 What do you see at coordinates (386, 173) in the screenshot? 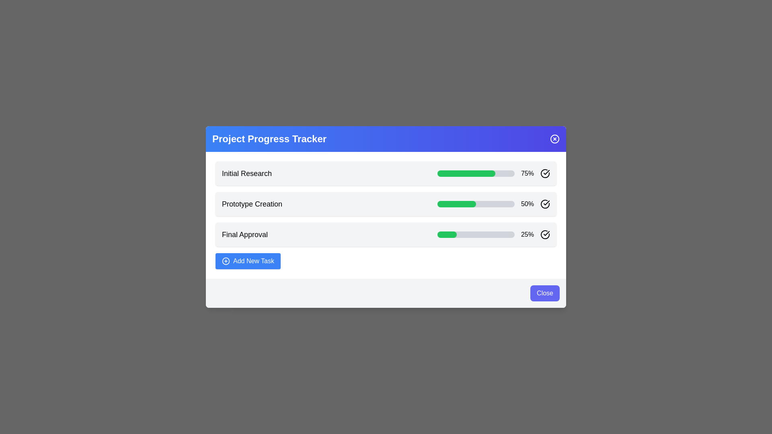
I see `the 'Initial Research' panel that shows 75% progress in the 'Project Progress Tracker' card` at bounding box center [386, 173].